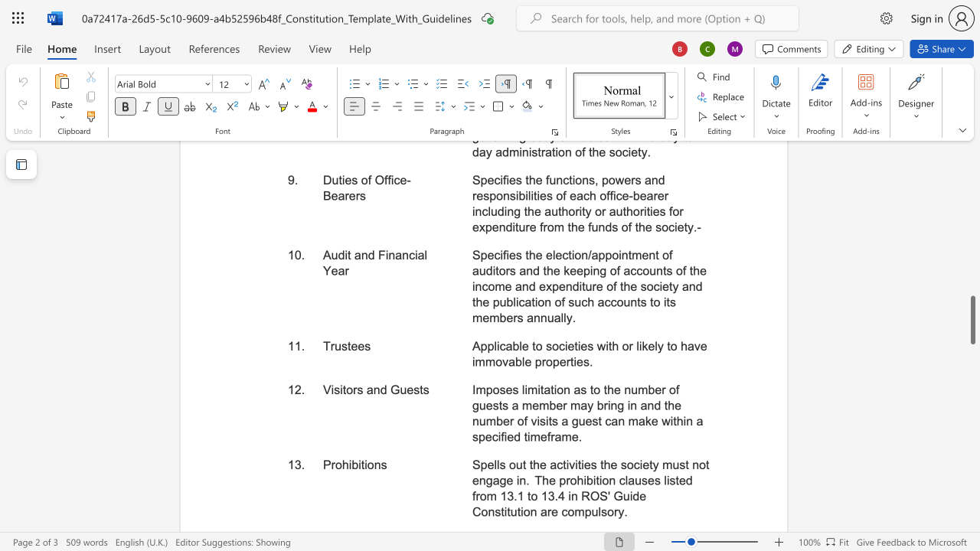 The image size is (980, 551). What do you see at coordinates (972, 306) in the screenshot?
I see `the vertical scrollbar to raise the page content` at bounding box center [972, 306].